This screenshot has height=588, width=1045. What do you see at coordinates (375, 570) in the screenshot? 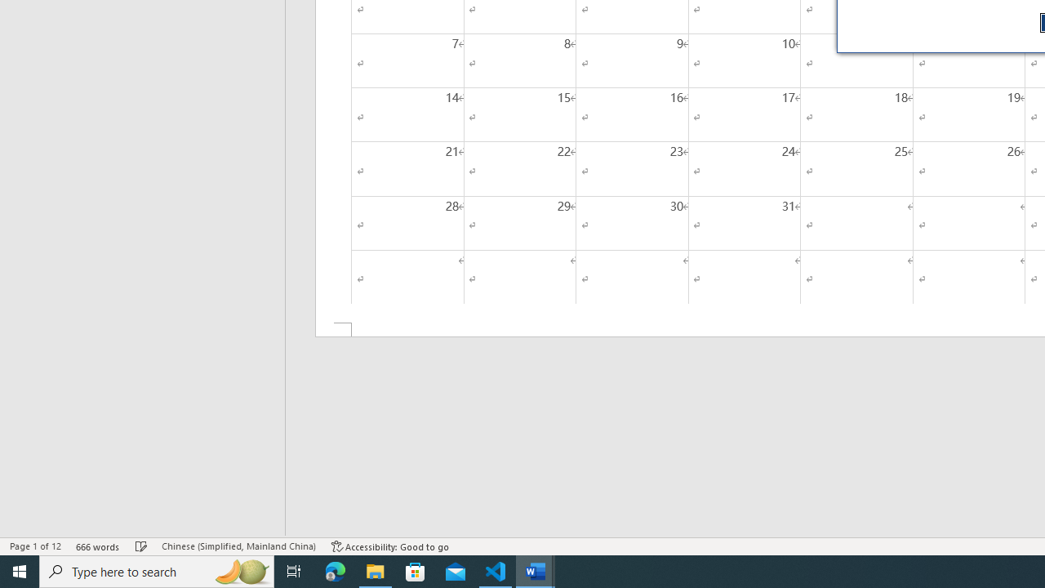
I see `'File Explorer - 1 running window'` at bounding box center [375, 570].